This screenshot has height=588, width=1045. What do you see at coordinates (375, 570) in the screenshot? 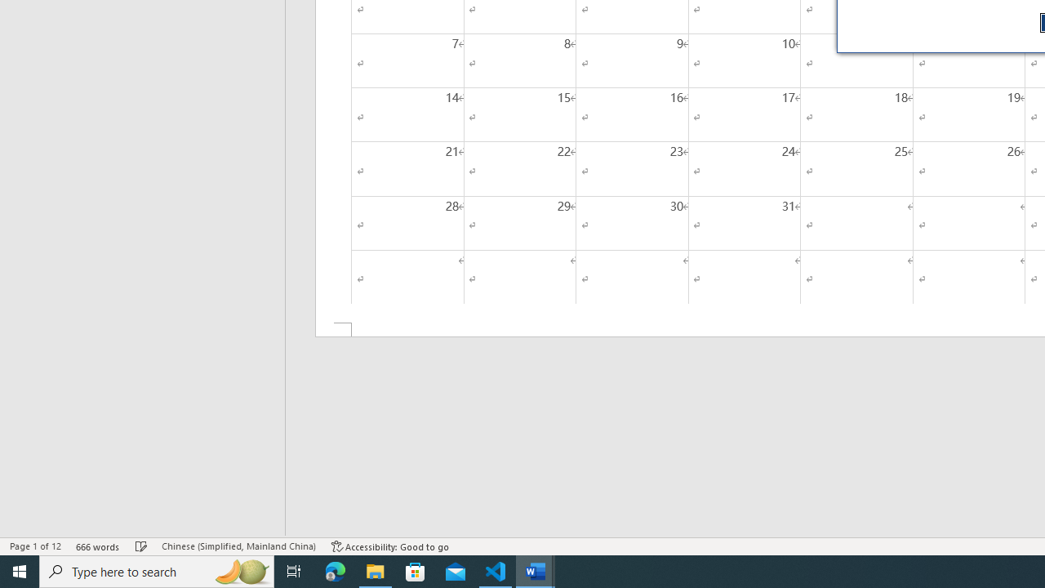
I see `'File Explorer - 1 running window'` at bounding box center [375, 570].